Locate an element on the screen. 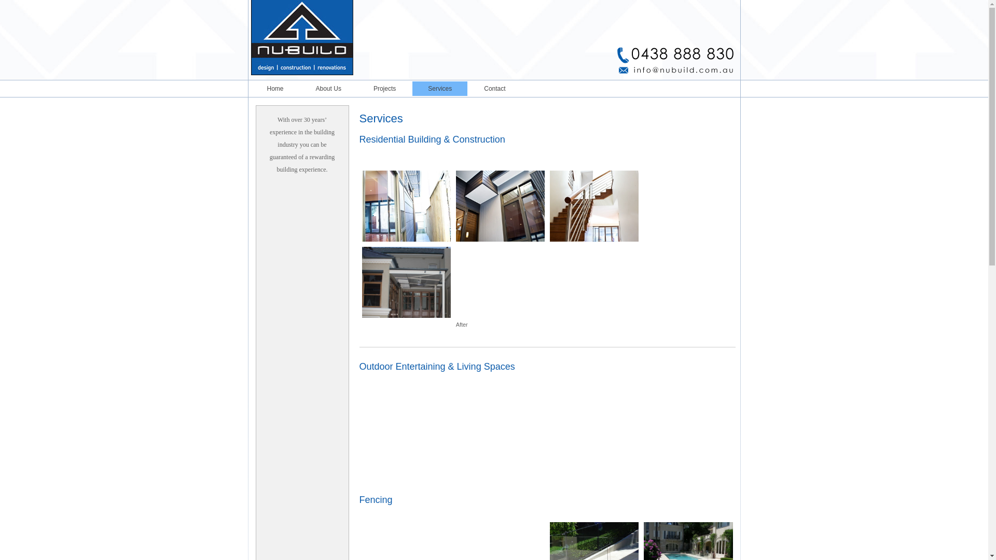 The image size is (996, 560). 'Home' is located at coordinates (274, 88).